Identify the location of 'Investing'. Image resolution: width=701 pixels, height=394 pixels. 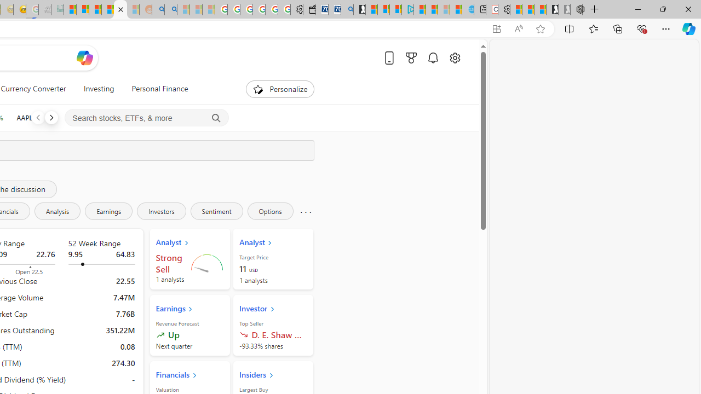
(99, 89).